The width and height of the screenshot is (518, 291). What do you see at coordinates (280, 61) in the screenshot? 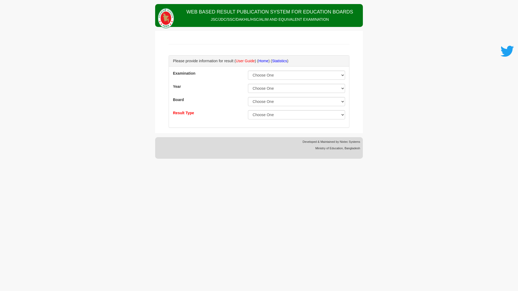
I see `'Statistics'` at bounding box center [280, 61].